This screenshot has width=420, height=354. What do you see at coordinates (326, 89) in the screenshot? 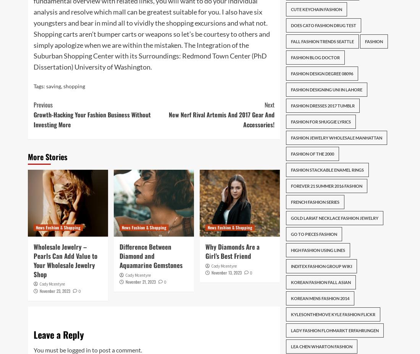
I see `'Fashion Designing Uni In Lahore'` at bounding box center [326, 89].